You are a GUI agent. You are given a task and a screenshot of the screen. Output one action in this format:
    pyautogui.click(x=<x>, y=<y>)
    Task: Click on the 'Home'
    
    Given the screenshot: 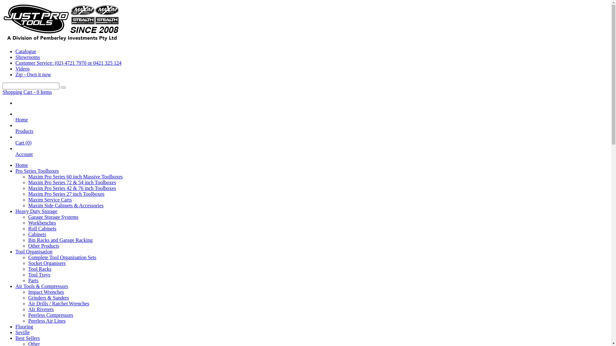 What is the action you would take?
    pyautogui.click(x=21, y=165)
    